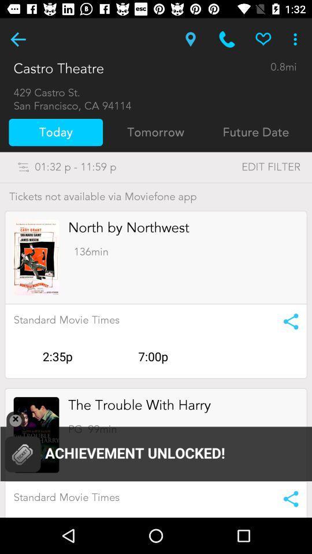  What do you see at coordinates (17, 39) in the screenshot?
I see `the previous page` at bounding box center [17, 39].